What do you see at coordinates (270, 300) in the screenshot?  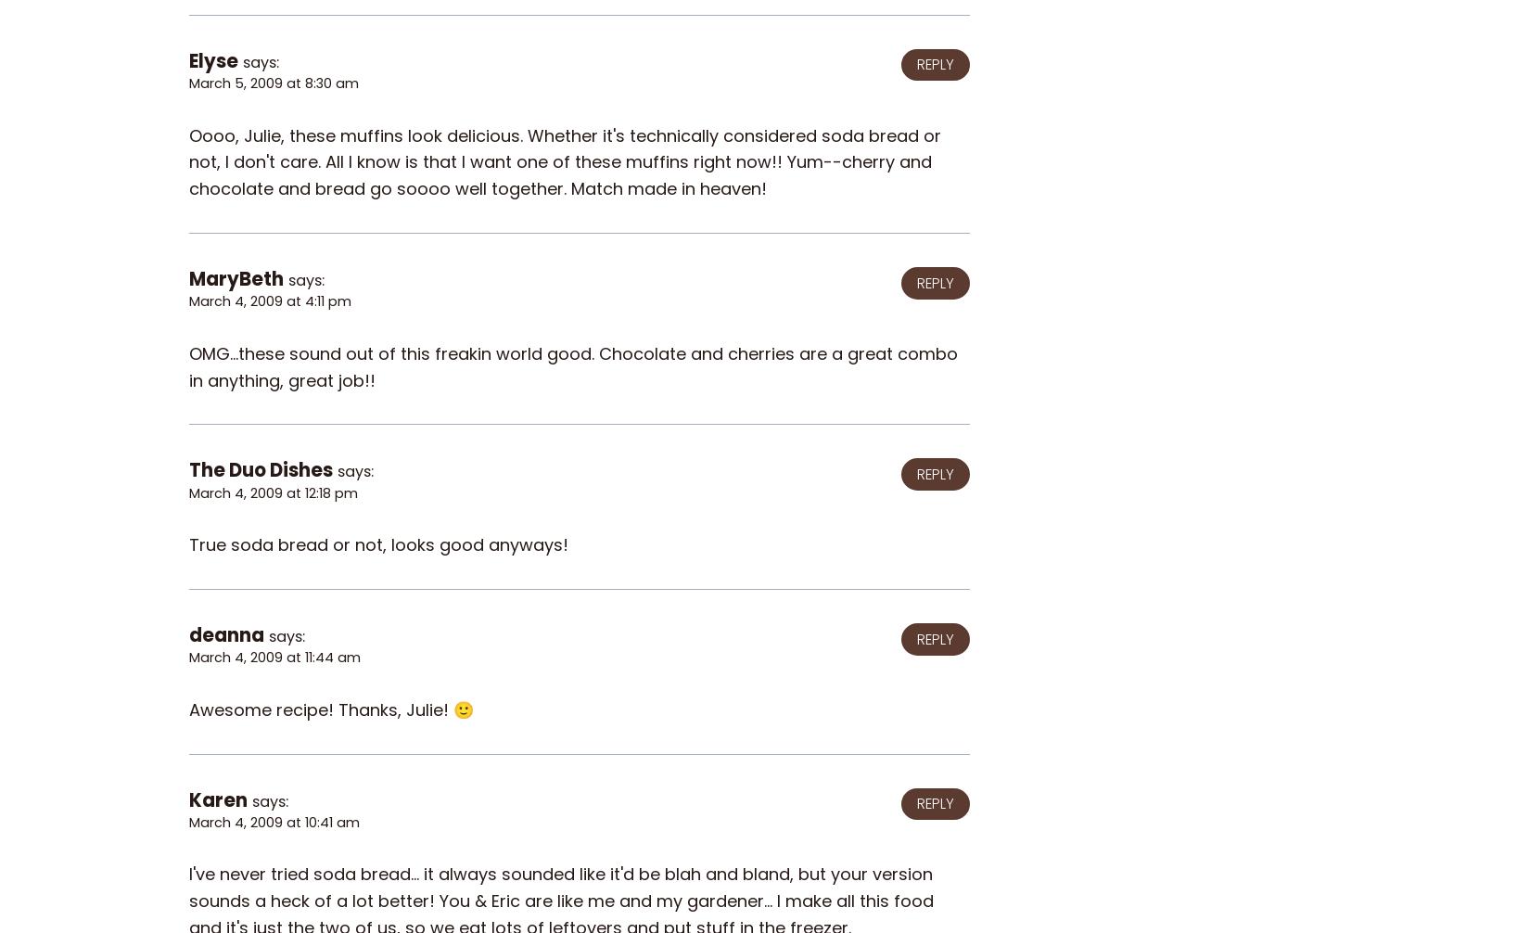 I see `'March 4, 2009 at 4:11 pm'` at bounding box center [270, 300].